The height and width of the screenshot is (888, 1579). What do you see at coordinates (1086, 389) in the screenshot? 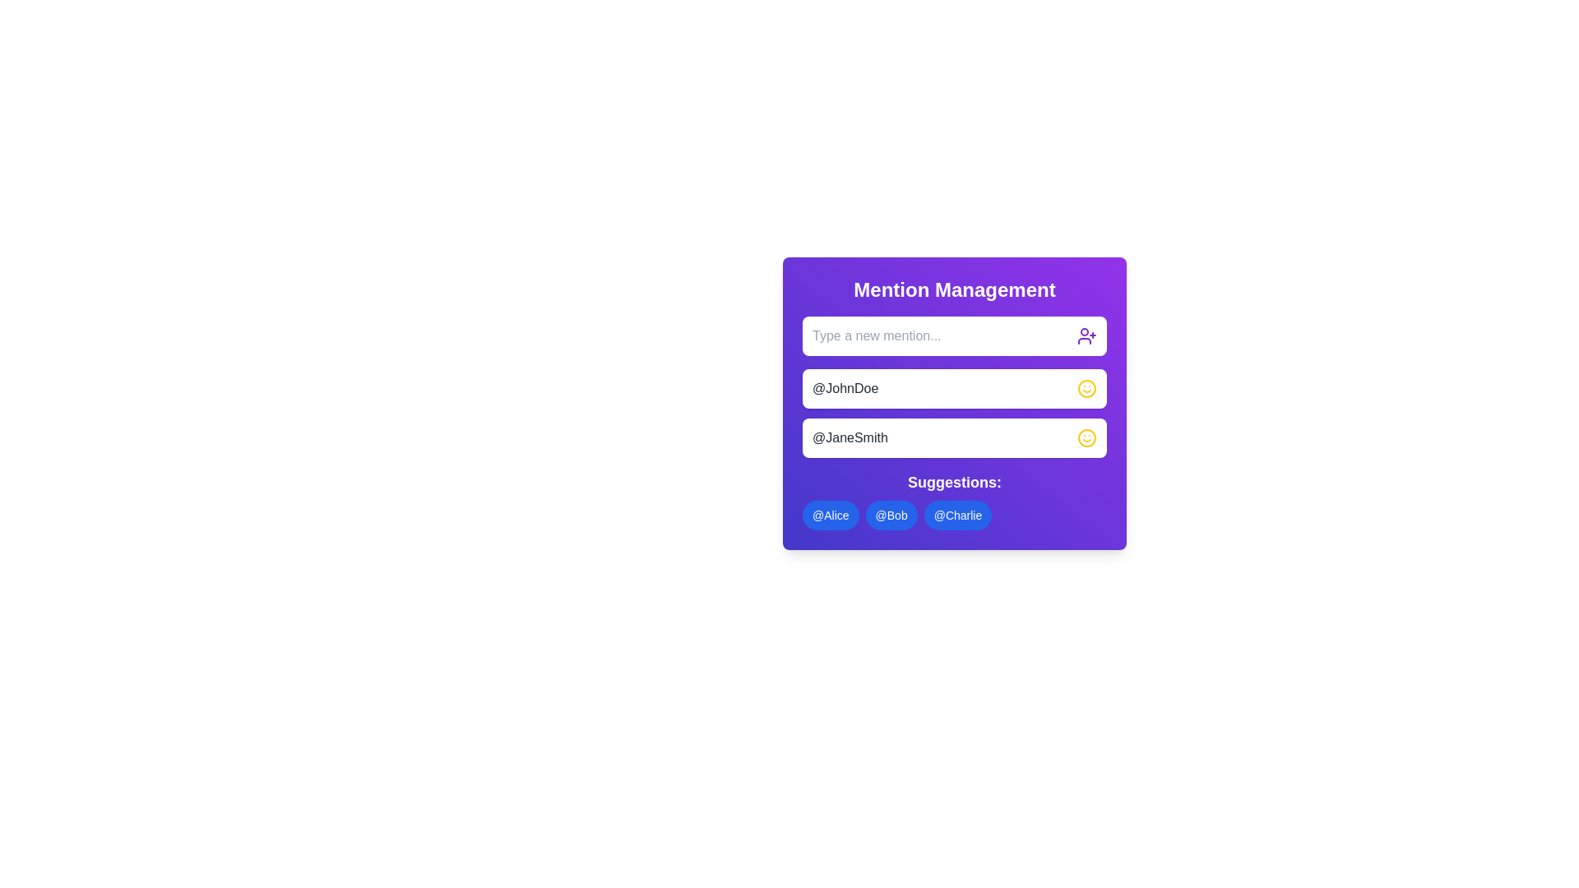
I see `the decorative smiley face icon associated with '@JaneSmith' located in the second row of options under the 'Mention Management' header` at bounding box center [1086, 389].